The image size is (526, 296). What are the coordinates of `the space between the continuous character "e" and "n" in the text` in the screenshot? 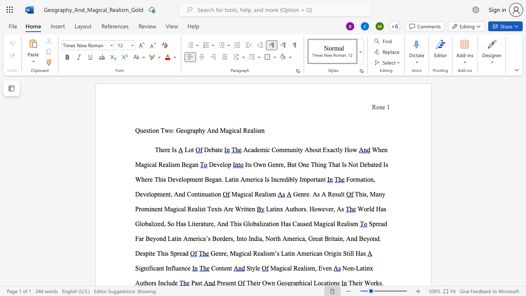 It's located at (218, 253).